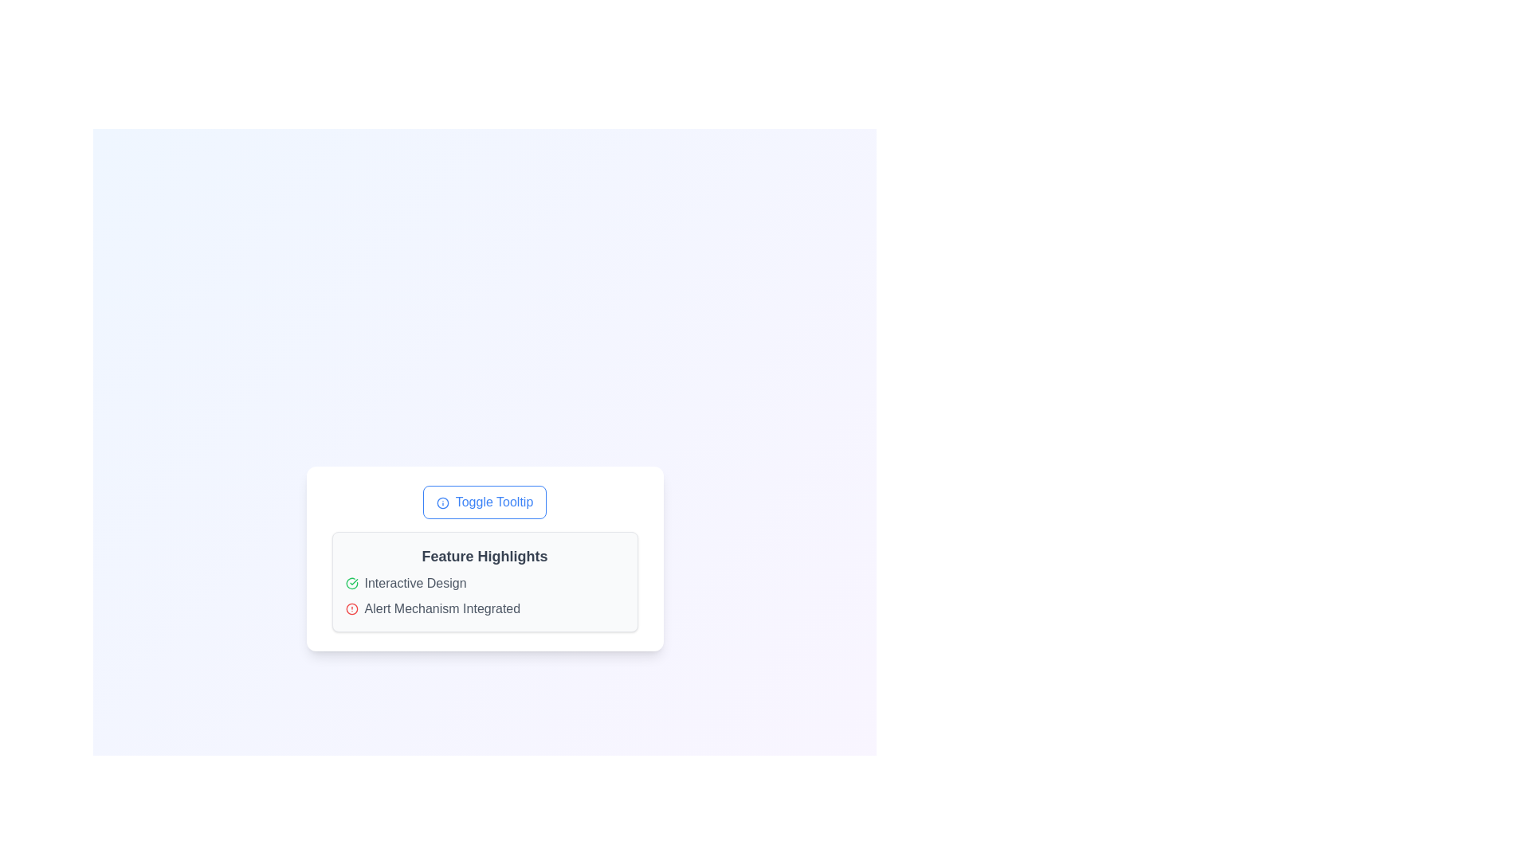 This screenshot has width=1530, height=860. What do you see at coordinates (484, 608) in the screenshot?
I see `the 'Alert Mechanism Integrated' text element with the red alert icon for accessibility purposes, located under the 'Feature Highlights' heading` at bounding box center [484, 608].